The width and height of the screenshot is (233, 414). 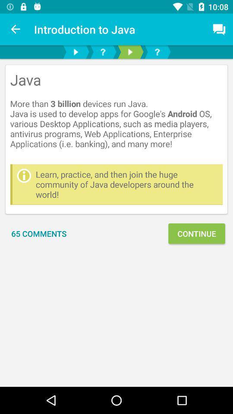 What do you see at coordinates (196, 233) in the screenshot?
I see `item to the right of 65 comments` at bounding box center [196, 233].